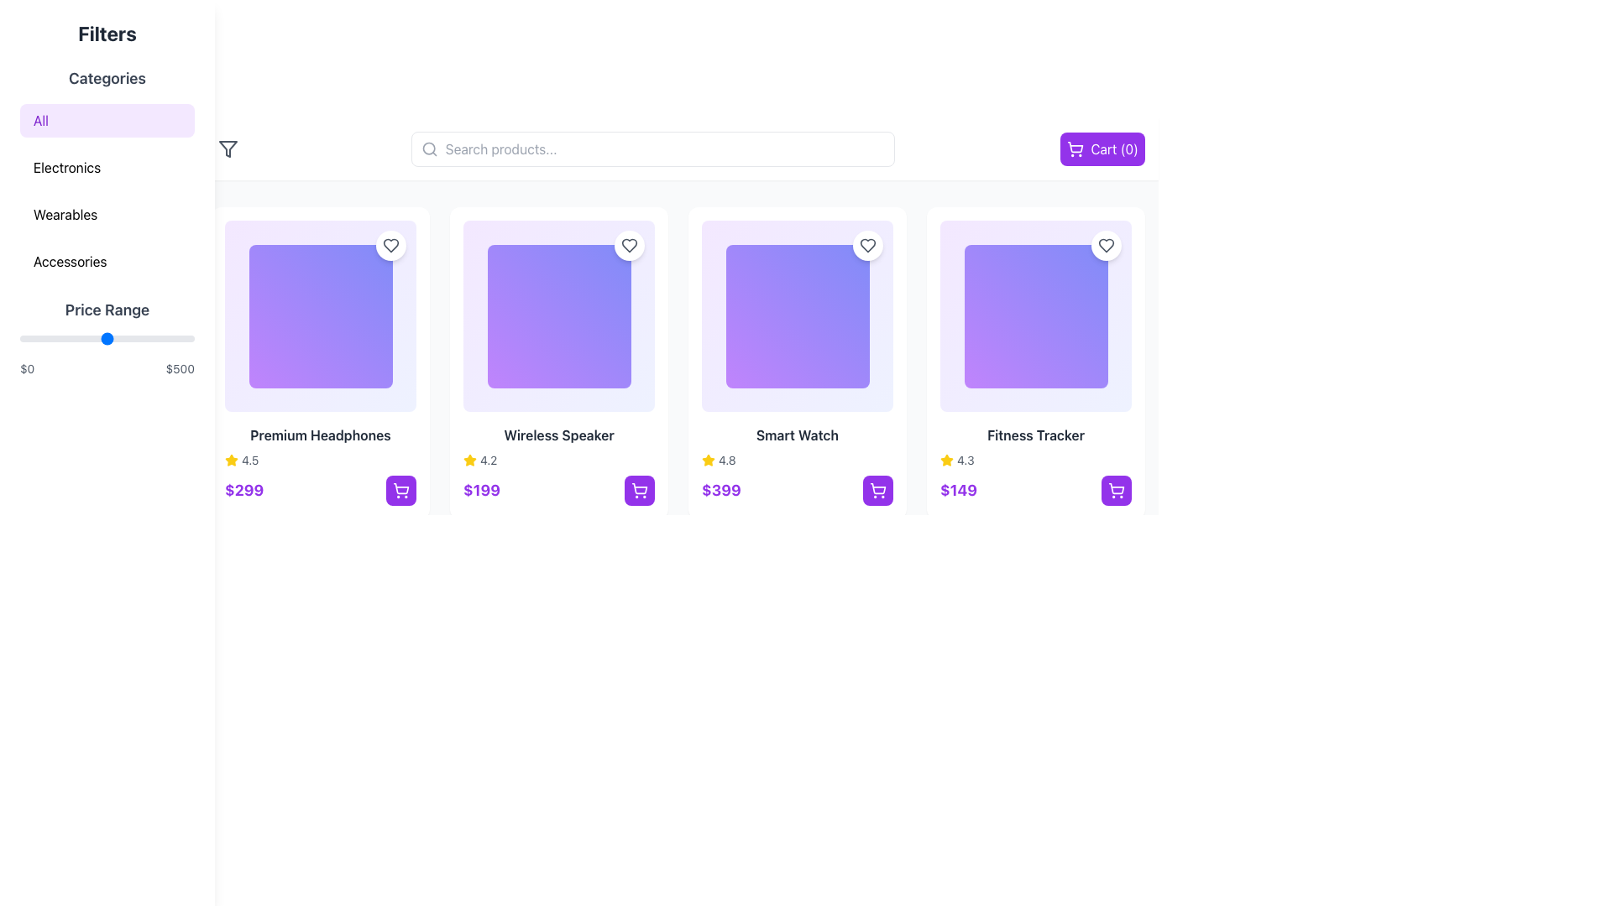  Describe the element at coordinates (107, 168) in the screenshot. I see `the 'Electronics' category filter button located in the 'Categories' section, which is the second option in the vertical list` at that location.